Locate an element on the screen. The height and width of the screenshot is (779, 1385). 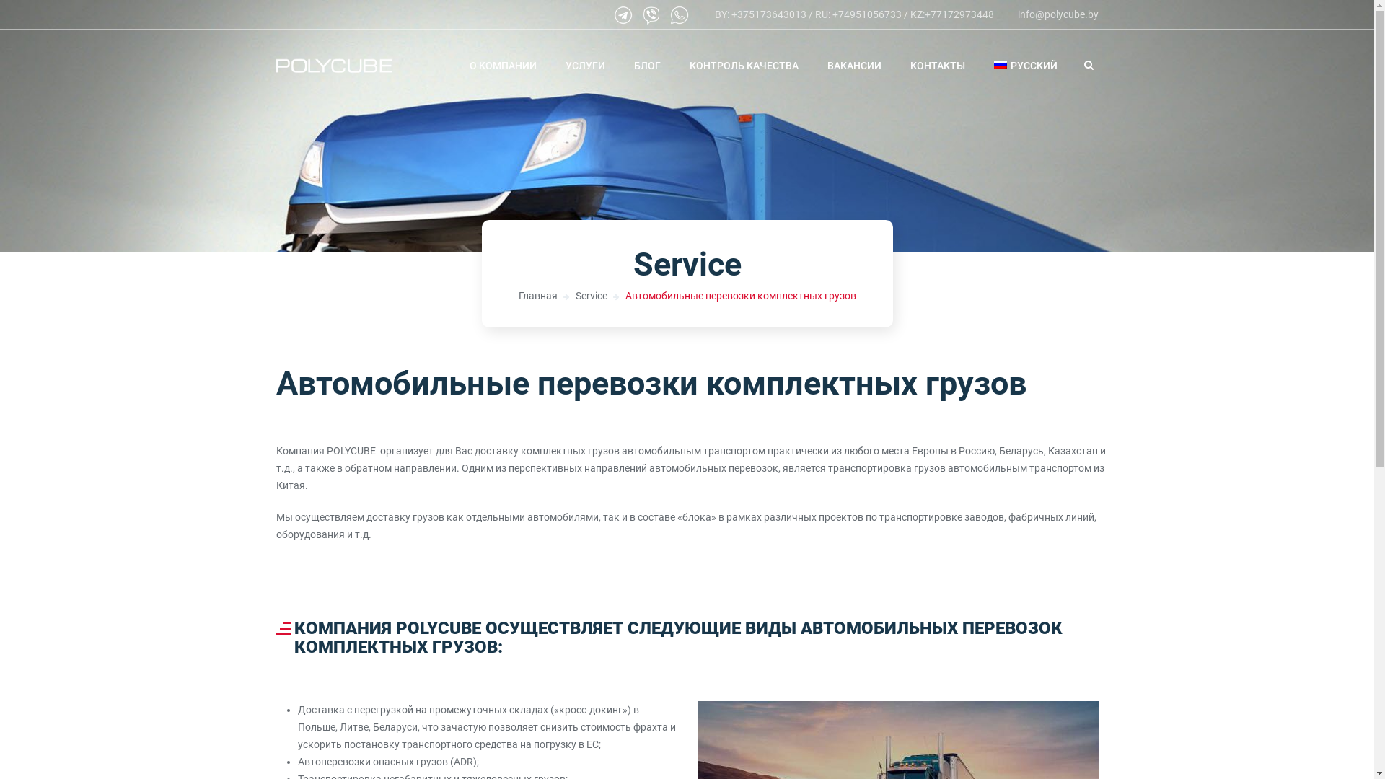
'POLYCUBE' is located at coordinates (325, 449).